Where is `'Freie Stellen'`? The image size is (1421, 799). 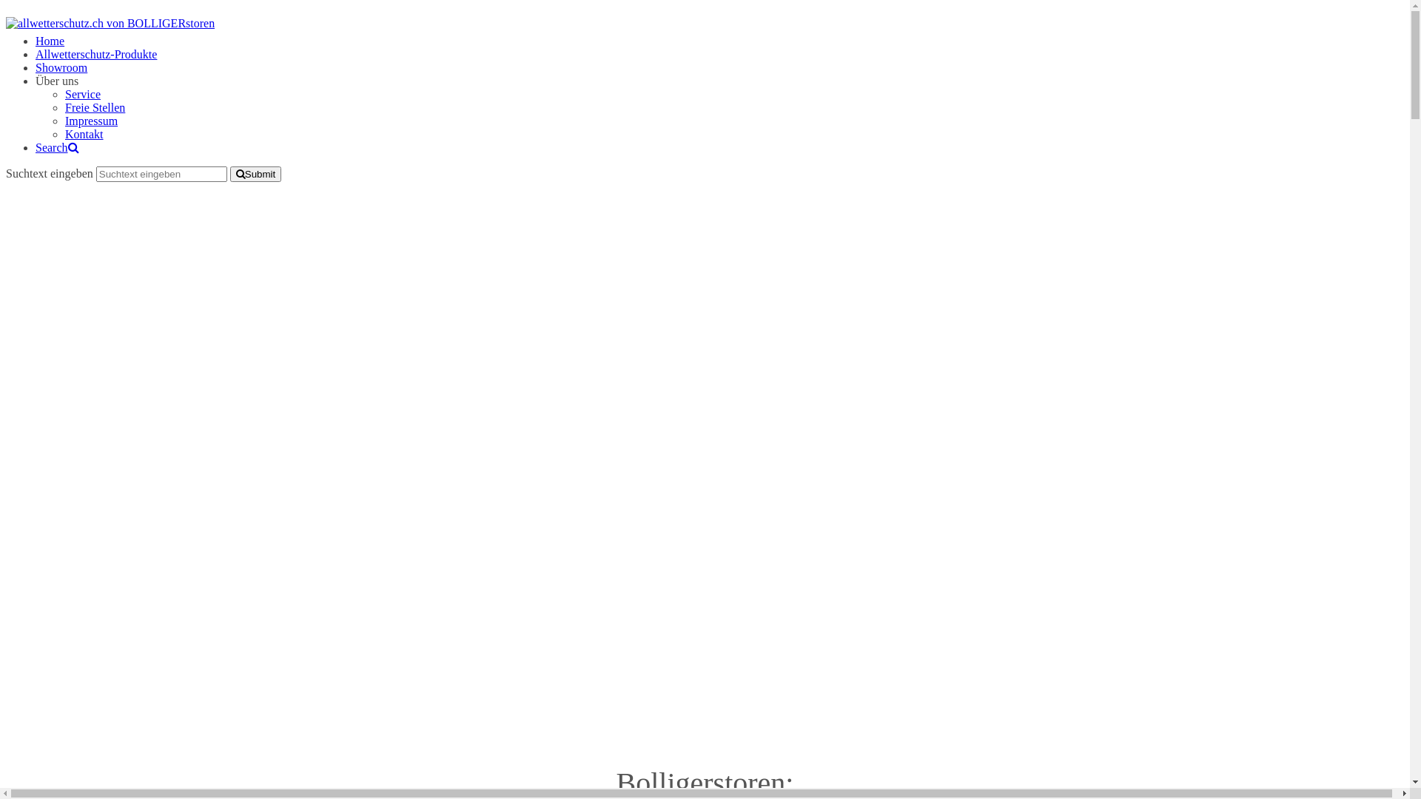
'Freie Stellen' is located at coordinates (64, 107).